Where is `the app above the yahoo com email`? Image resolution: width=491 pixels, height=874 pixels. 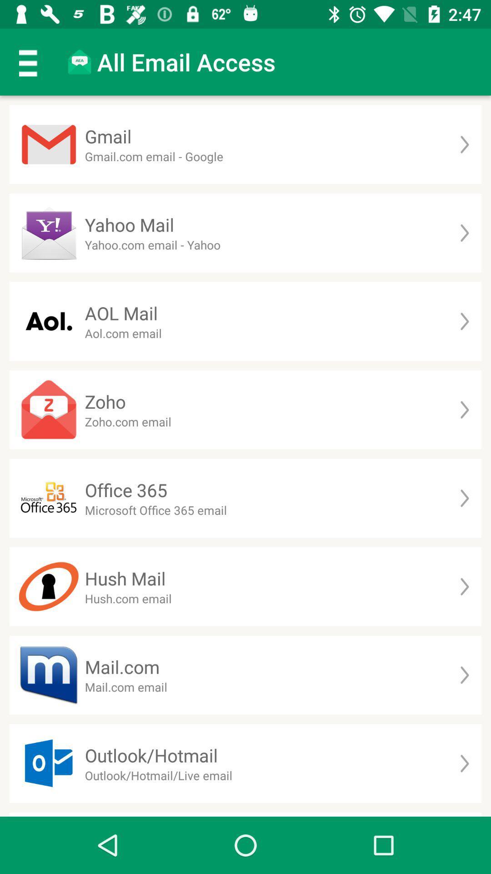
the app above the yahoo com email is located at coordinates (130, 224).